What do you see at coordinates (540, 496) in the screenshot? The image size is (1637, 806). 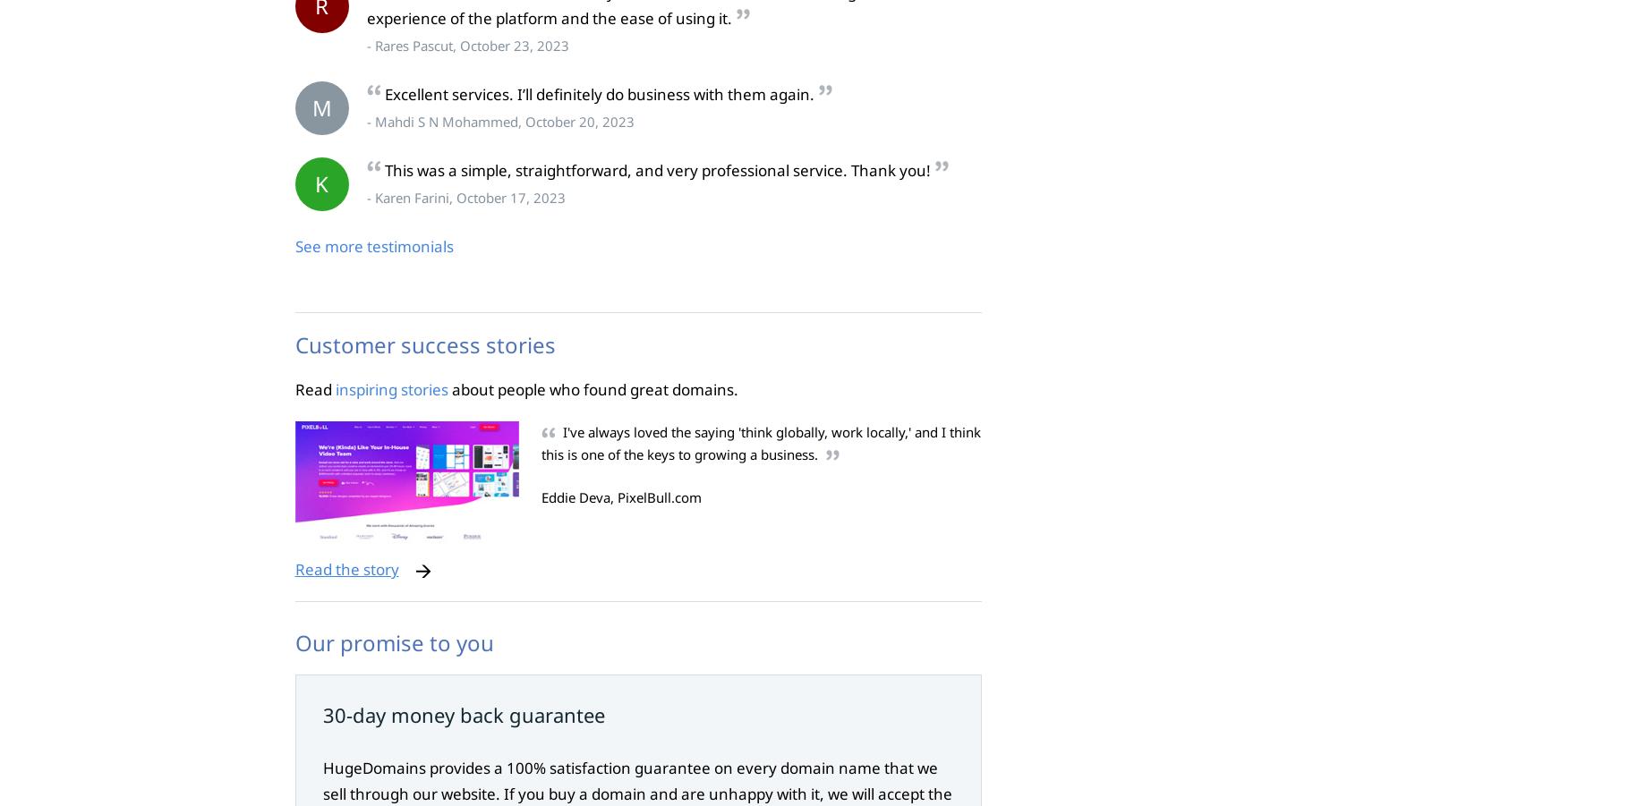 I see `'Eddie Deva, PixelBull.com'` at bounding box center [540, 496].